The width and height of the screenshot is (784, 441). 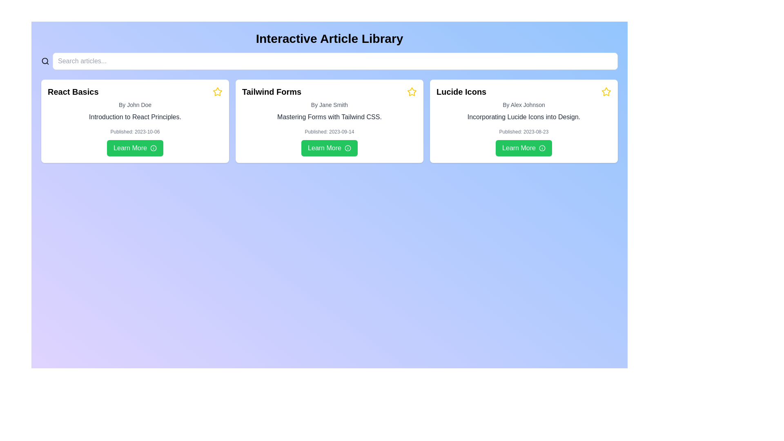 I want to click on the bold, large-sized text label displaying 'Interactive Article Library' at the top-center of the interface, so click(x=329, y=39).